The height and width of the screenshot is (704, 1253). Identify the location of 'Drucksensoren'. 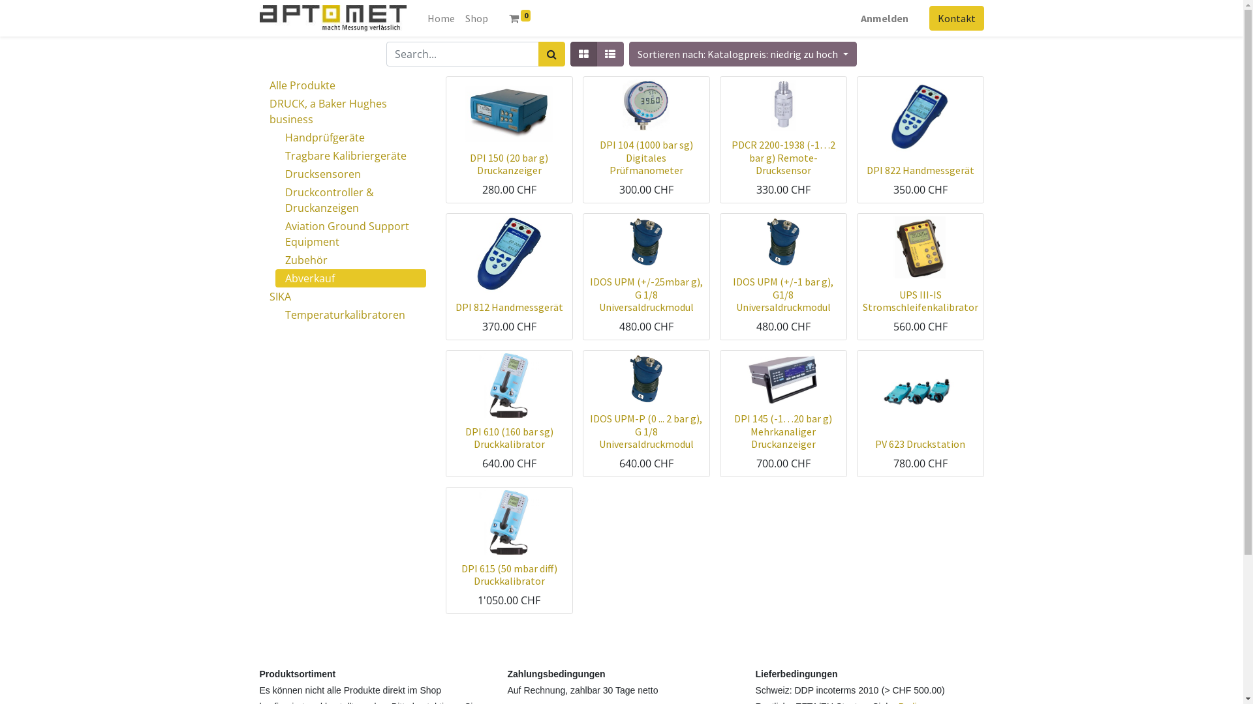
(350, 173).